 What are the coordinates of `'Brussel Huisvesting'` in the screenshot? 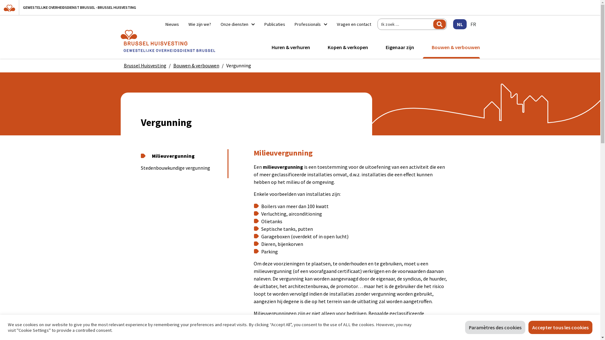 It's located at (124, 65).